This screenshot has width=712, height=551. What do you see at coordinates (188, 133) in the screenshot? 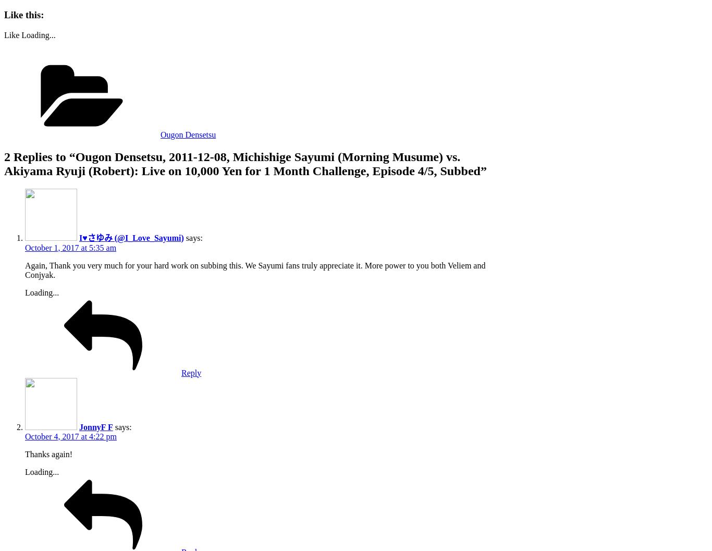
I see `'Ougon Densetsu'` at bounding box center [188, 133].